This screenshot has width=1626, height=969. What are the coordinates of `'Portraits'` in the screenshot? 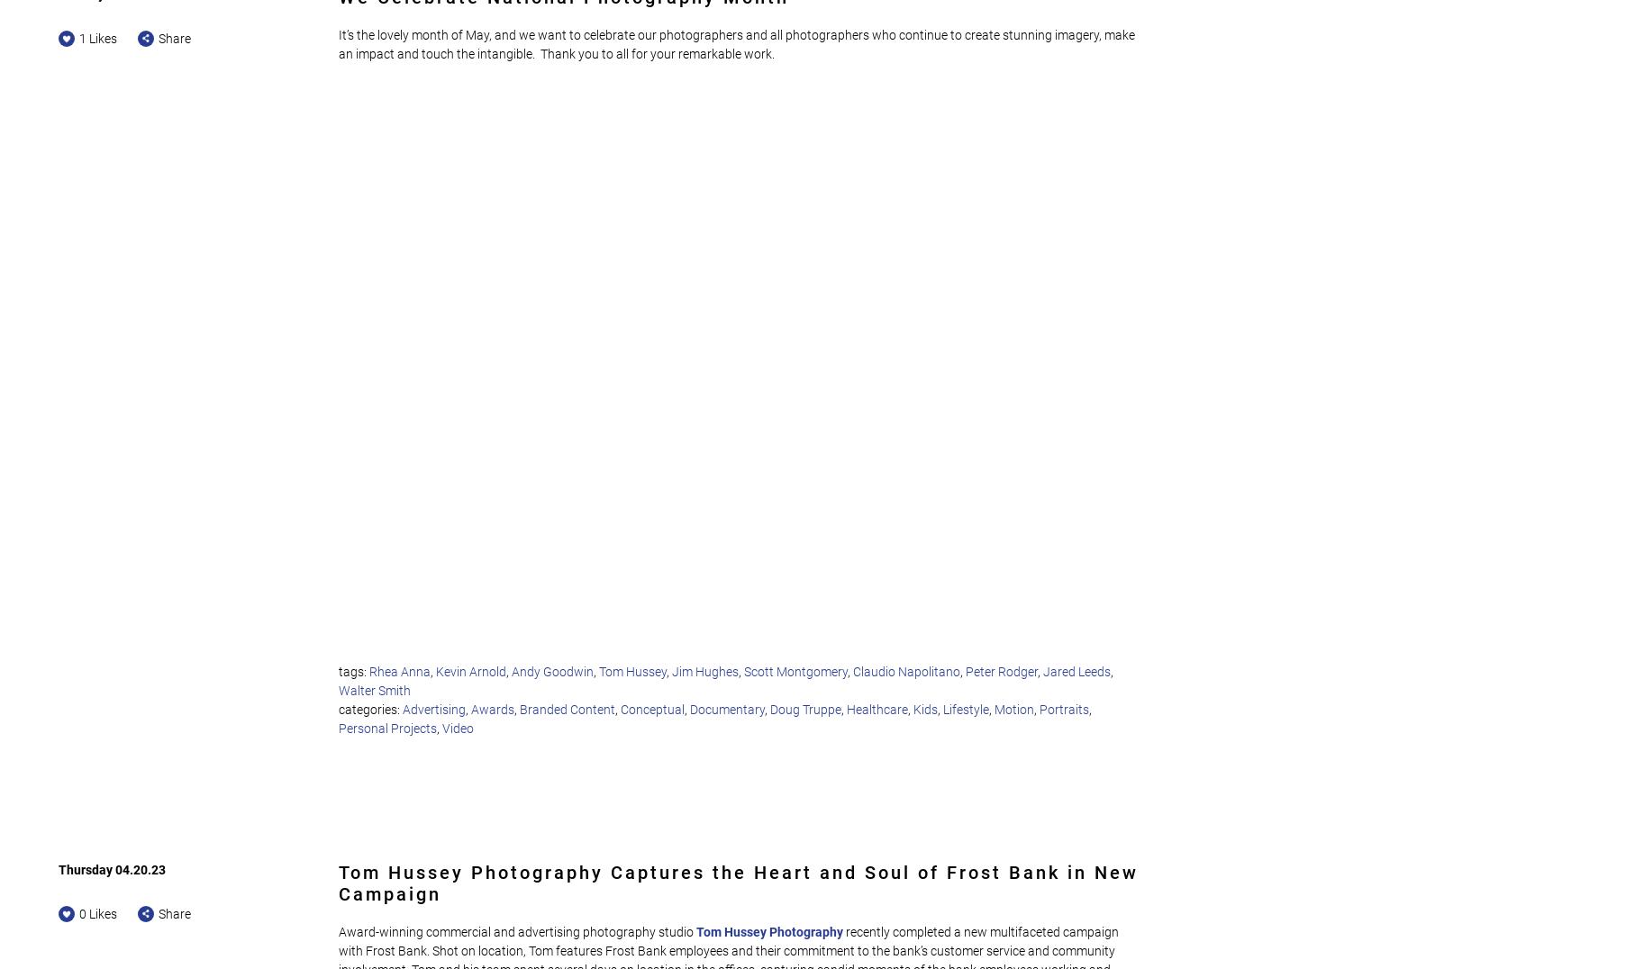 It's located at (1064, 708).